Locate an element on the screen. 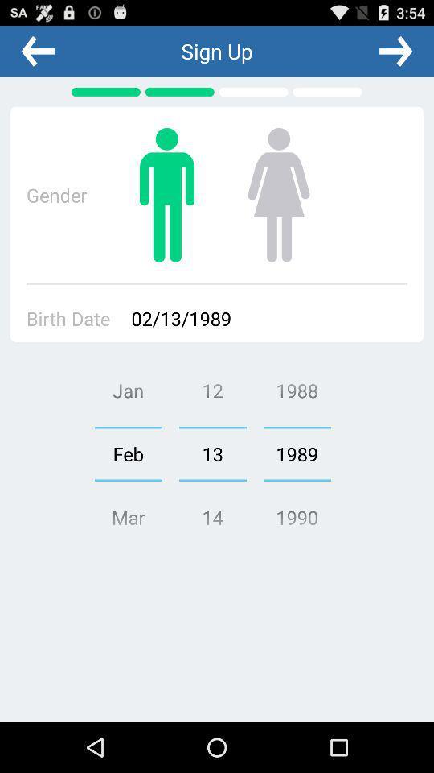  the app to the left of sign up app is located at coordinates (38, 51).